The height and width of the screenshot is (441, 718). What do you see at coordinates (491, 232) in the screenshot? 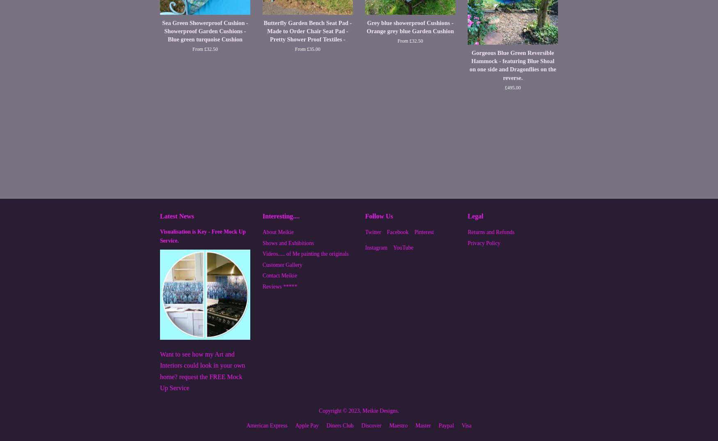
I see `'Returns and Refunds'` at bounding box center [491, 232].